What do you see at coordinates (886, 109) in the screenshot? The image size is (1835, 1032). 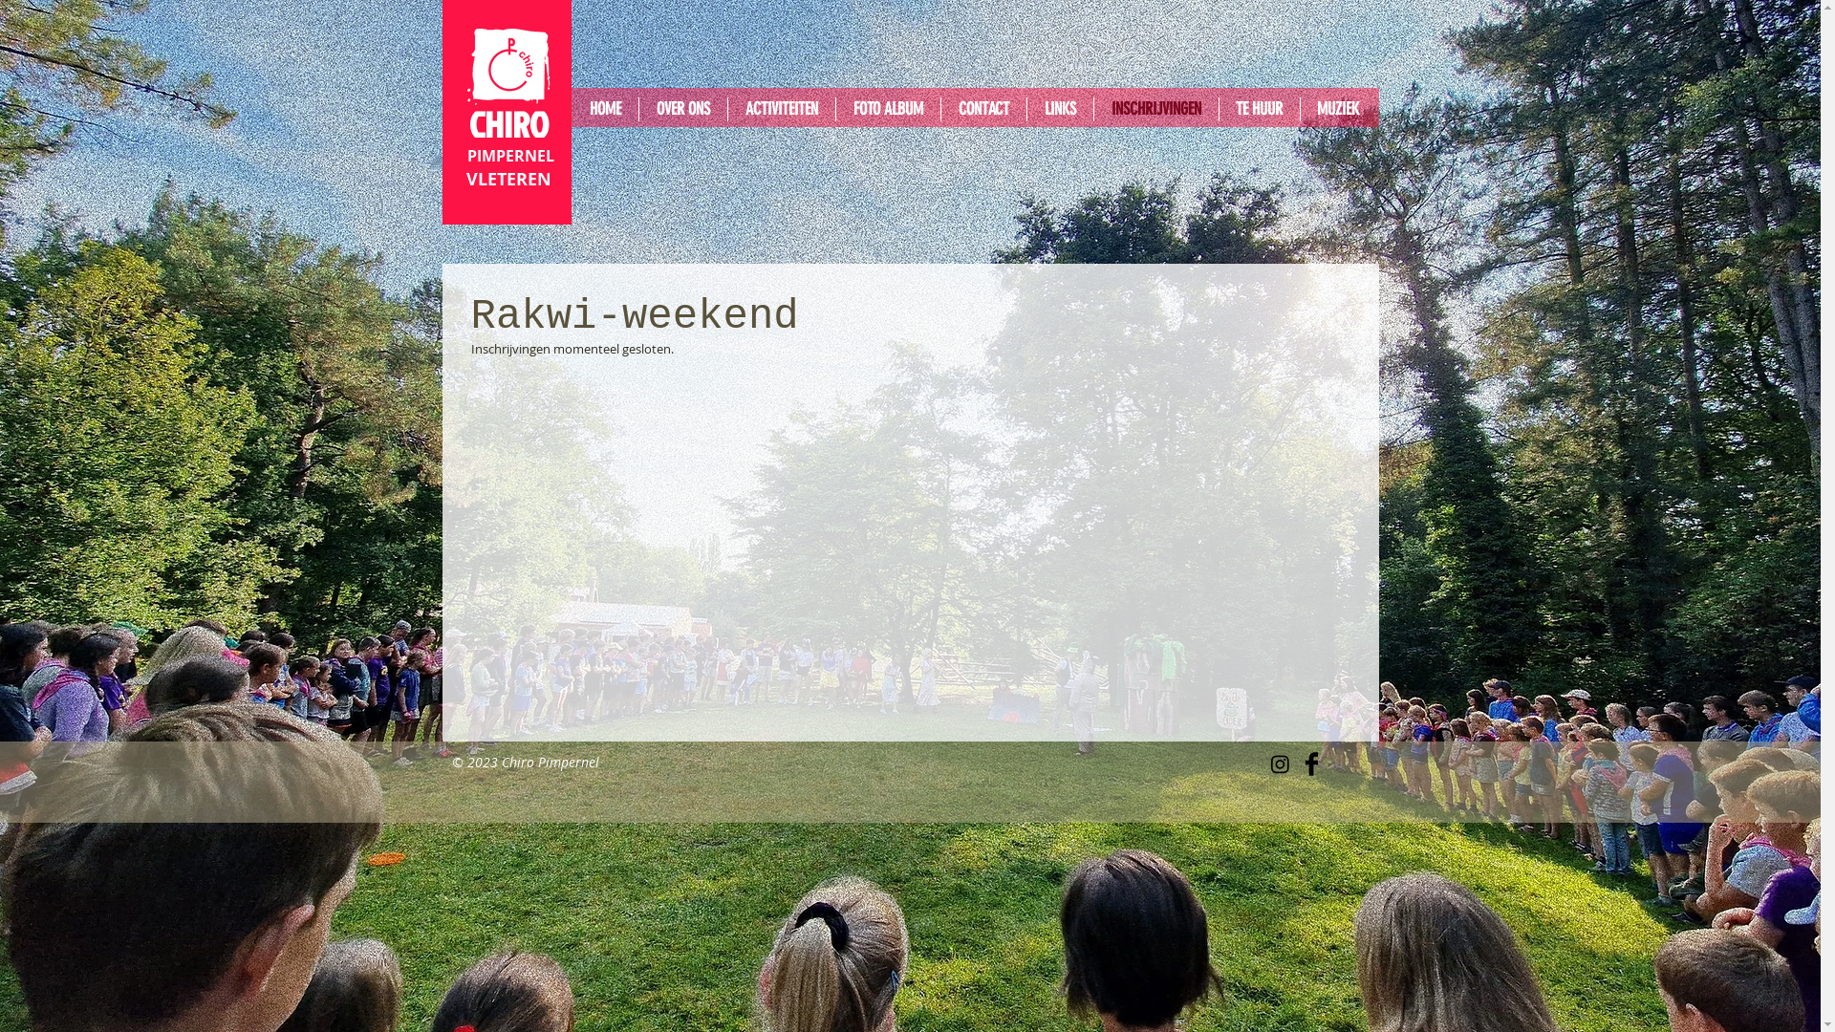 I see `'FOTO ALBUM'` at bounding box center [886, 109].